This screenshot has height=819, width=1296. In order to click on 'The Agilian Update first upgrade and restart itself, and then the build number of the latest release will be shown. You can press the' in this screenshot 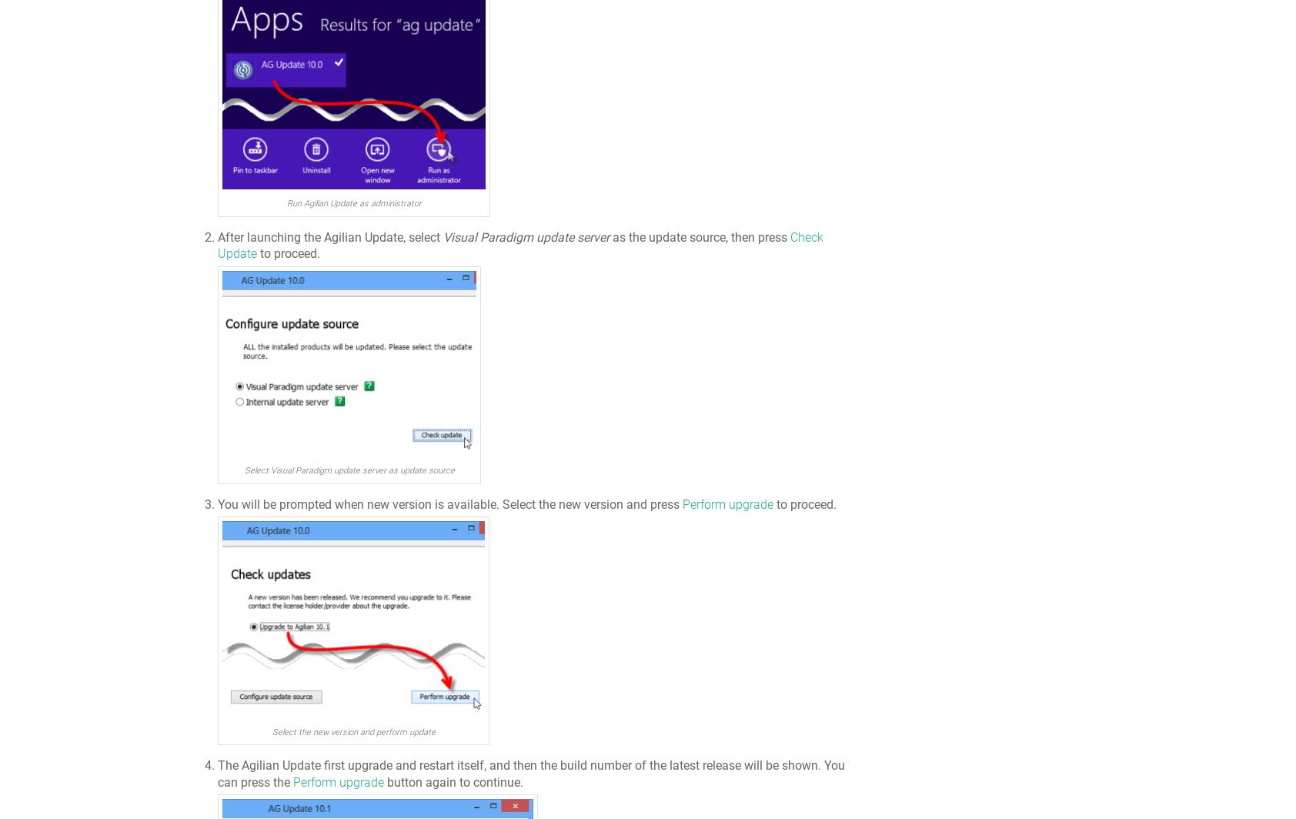, I will do `click(218, 773)`.